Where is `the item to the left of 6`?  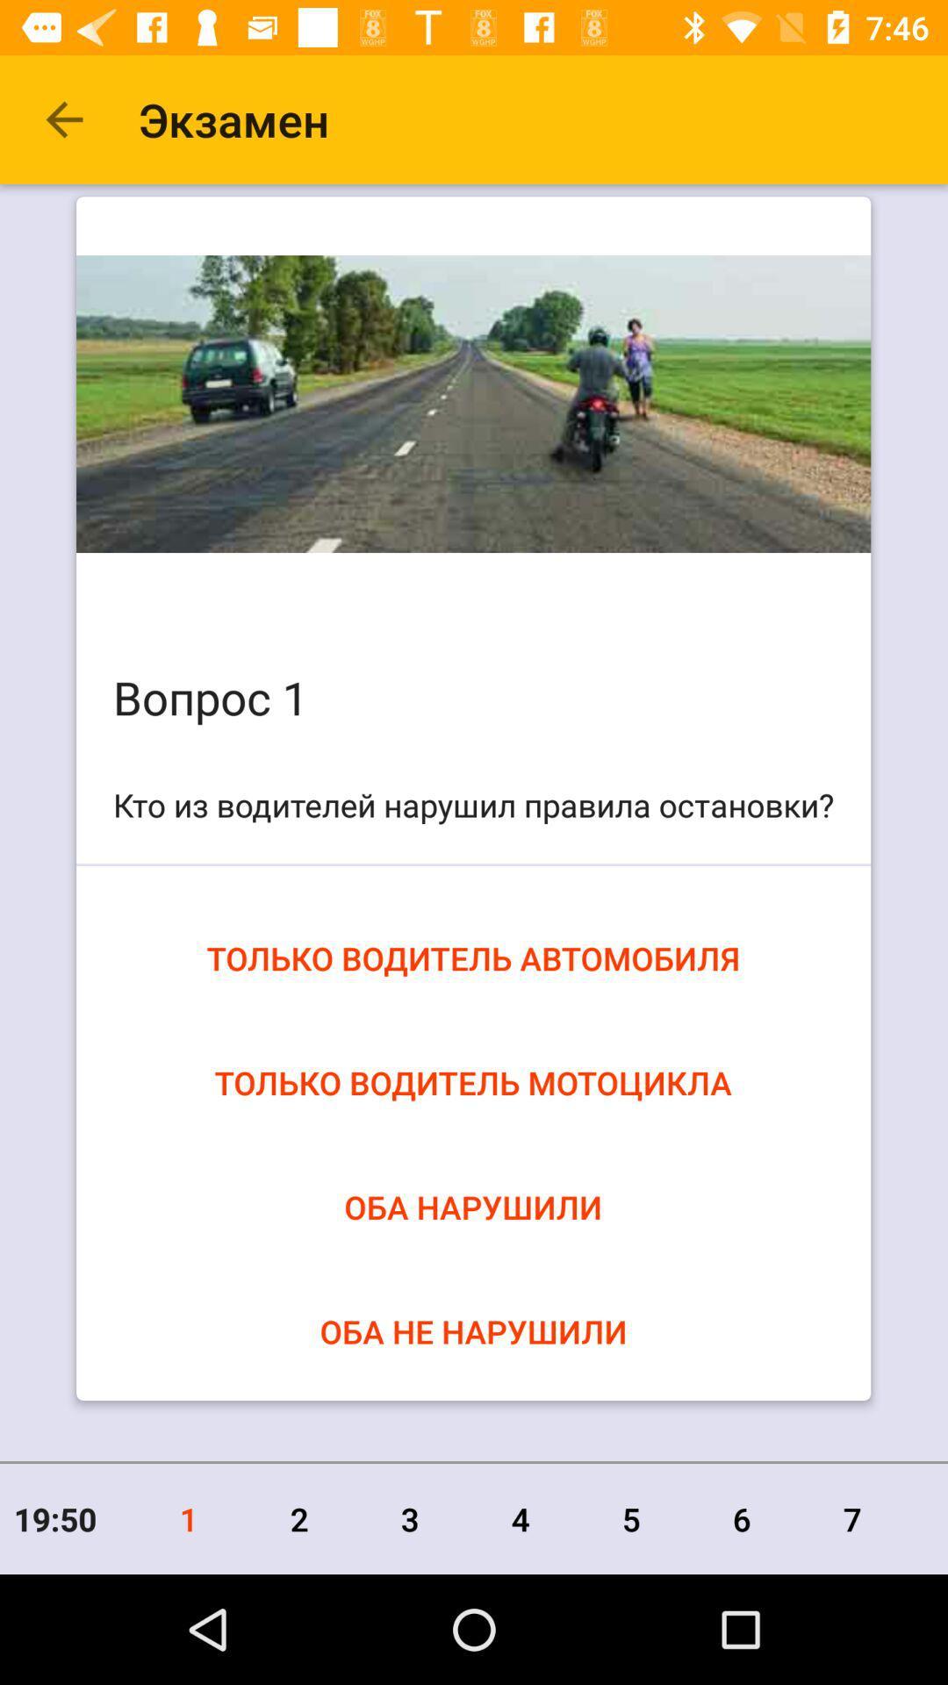
the item to the left of 6 is located at coordinates (630, 1518).